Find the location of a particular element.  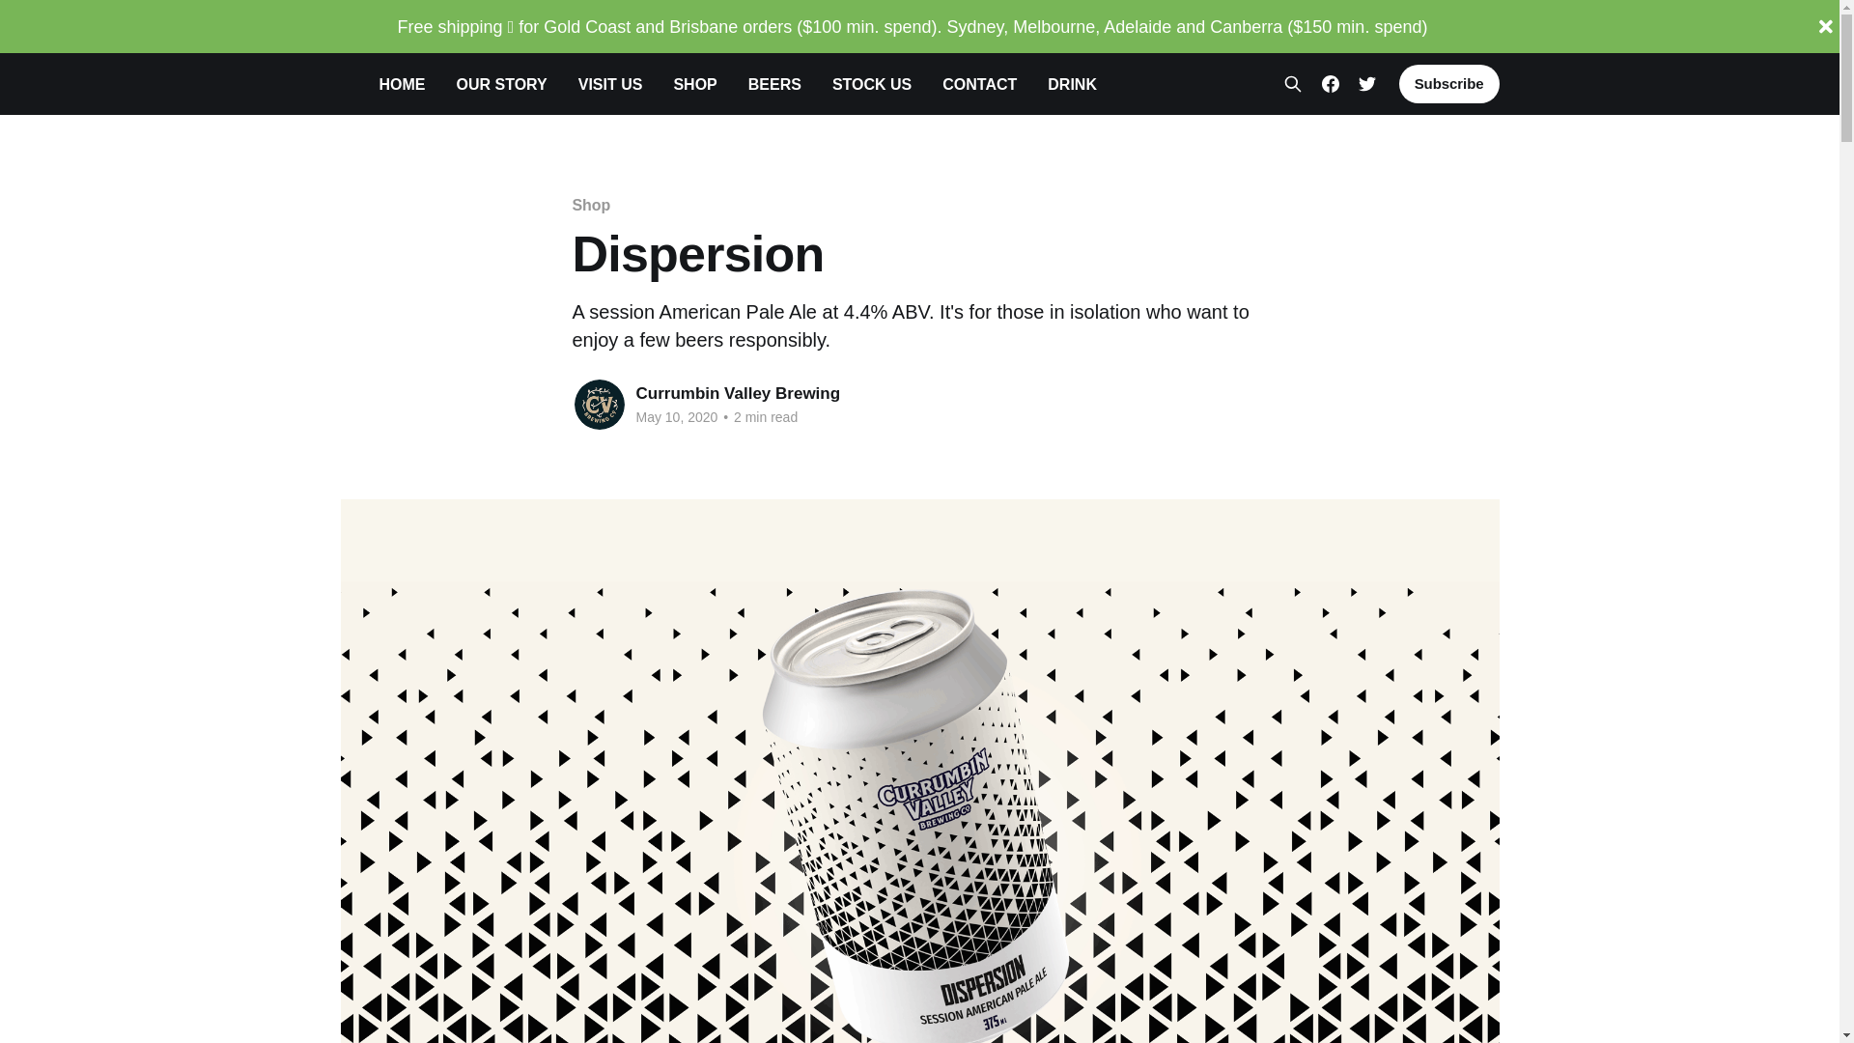

'STOCK US' is located at coordinates (870, 83).